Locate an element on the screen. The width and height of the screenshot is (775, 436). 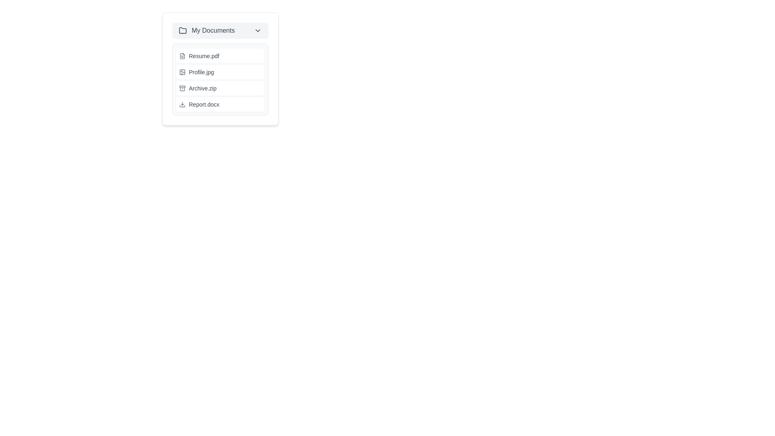
the static text label that reads 'My Documents', positioned in the toolbar between a folder icon and a dropdown arrow icon is located at coordinates (223, 30).